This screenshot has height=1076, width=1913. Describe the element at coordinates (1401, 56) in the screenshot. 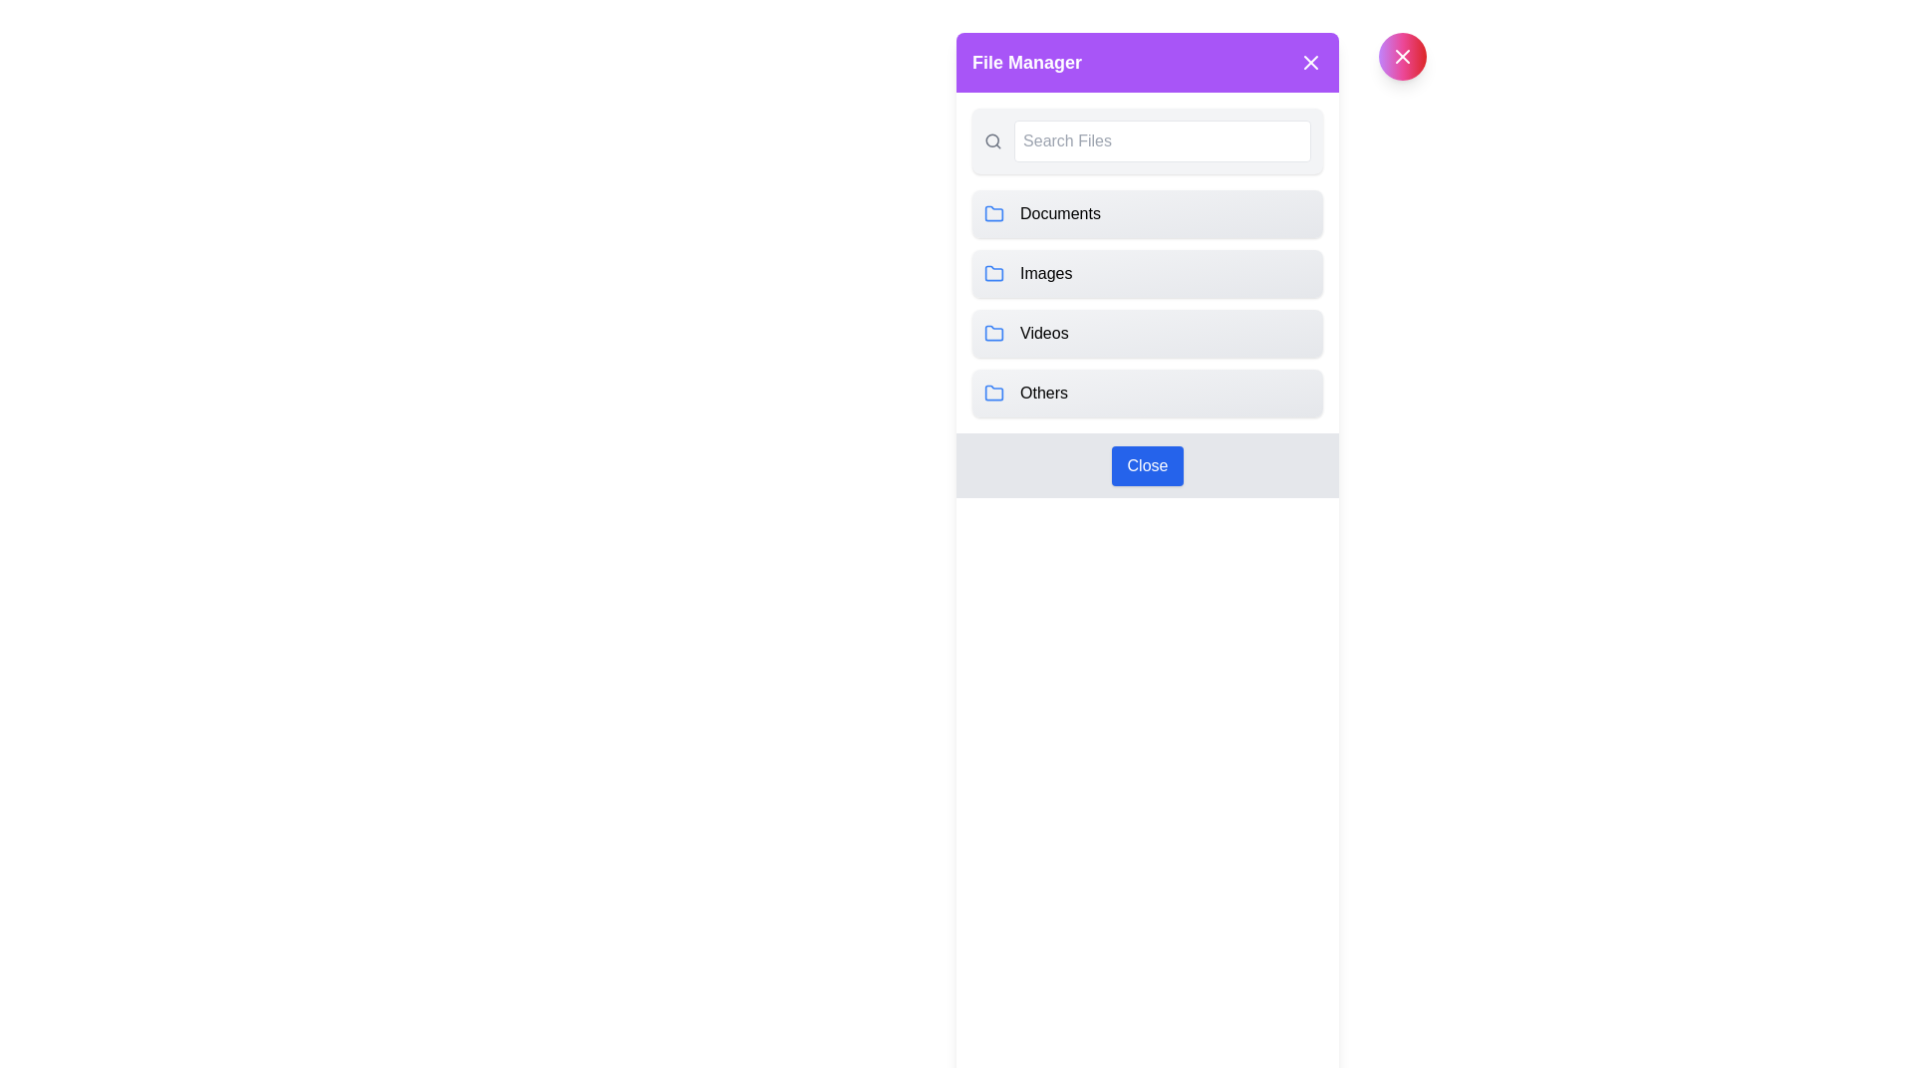

I see `the circular button with a gradient fill and a white 'X' icon located in the upper right corner of the File Manager interface to trigger a scale animation` at that location.